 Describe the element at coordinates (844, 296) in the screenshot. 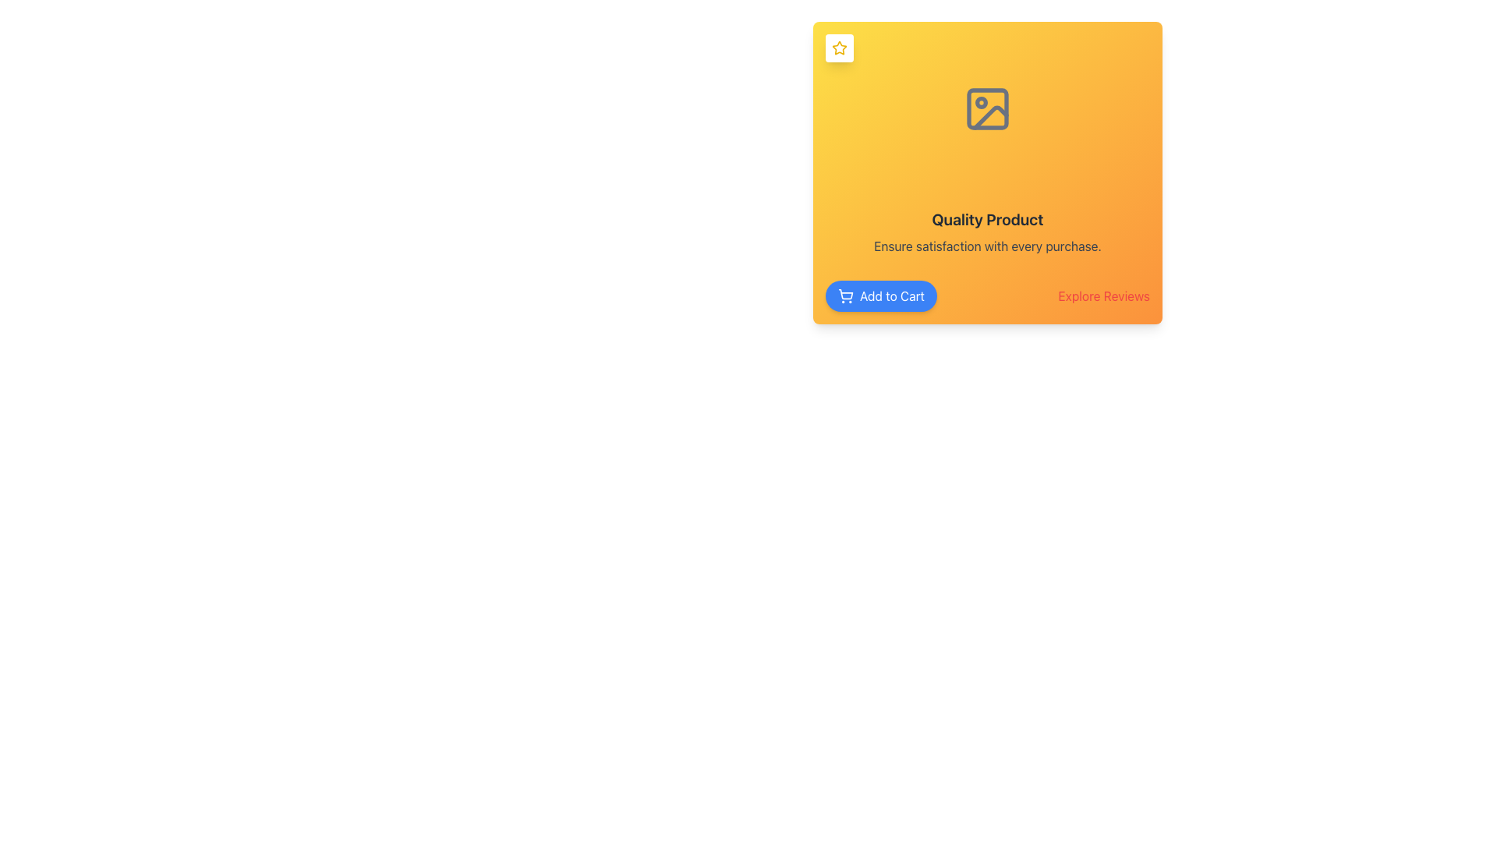

I see `the shopping cart icon located at the beginning of the 'Add to Cart' button within the product display area` at that location.